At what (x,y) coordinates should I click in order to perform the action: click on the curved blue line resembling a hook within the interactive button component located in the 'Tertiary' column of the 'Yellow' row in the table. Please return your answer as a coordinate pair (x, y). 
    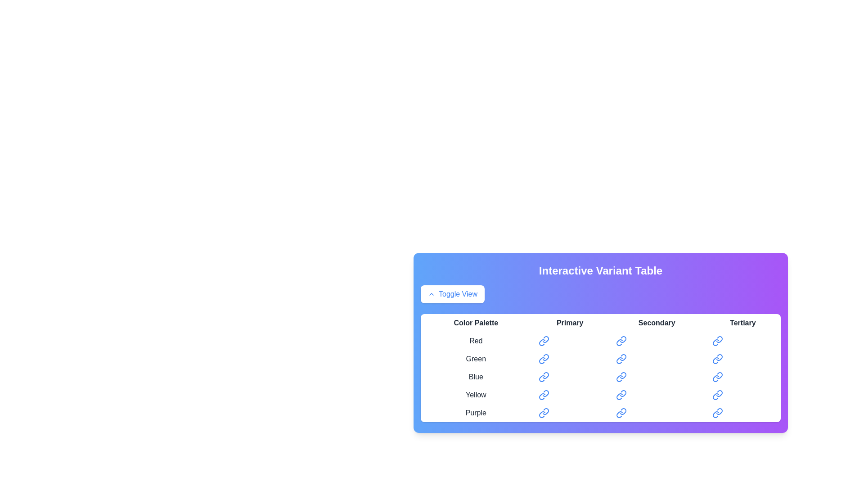
    Looking at the image, I should click on (715, 396).